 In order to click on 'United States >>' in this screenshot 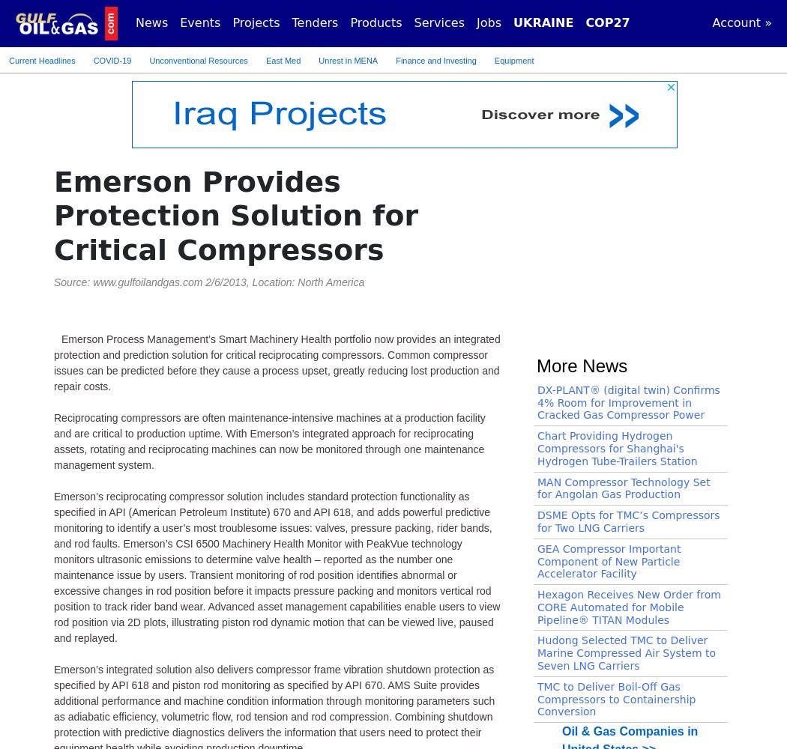, I will do `click(607, 54)`.